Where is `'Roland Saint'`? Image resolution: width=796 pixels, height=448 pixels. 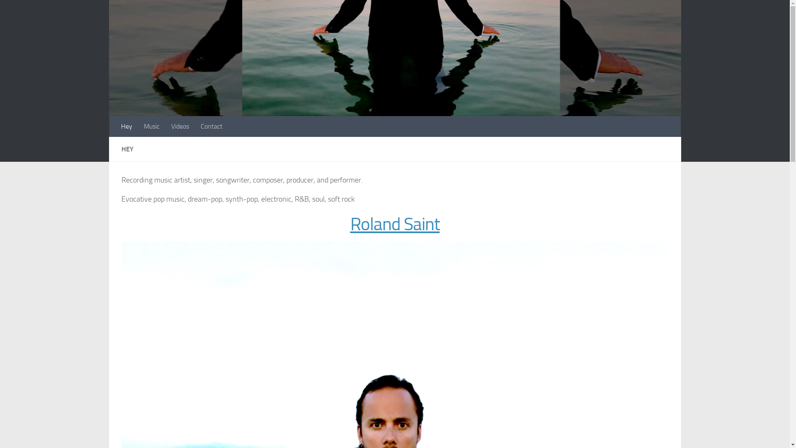 'Roland Saint' is located at coordinates (394, 224).